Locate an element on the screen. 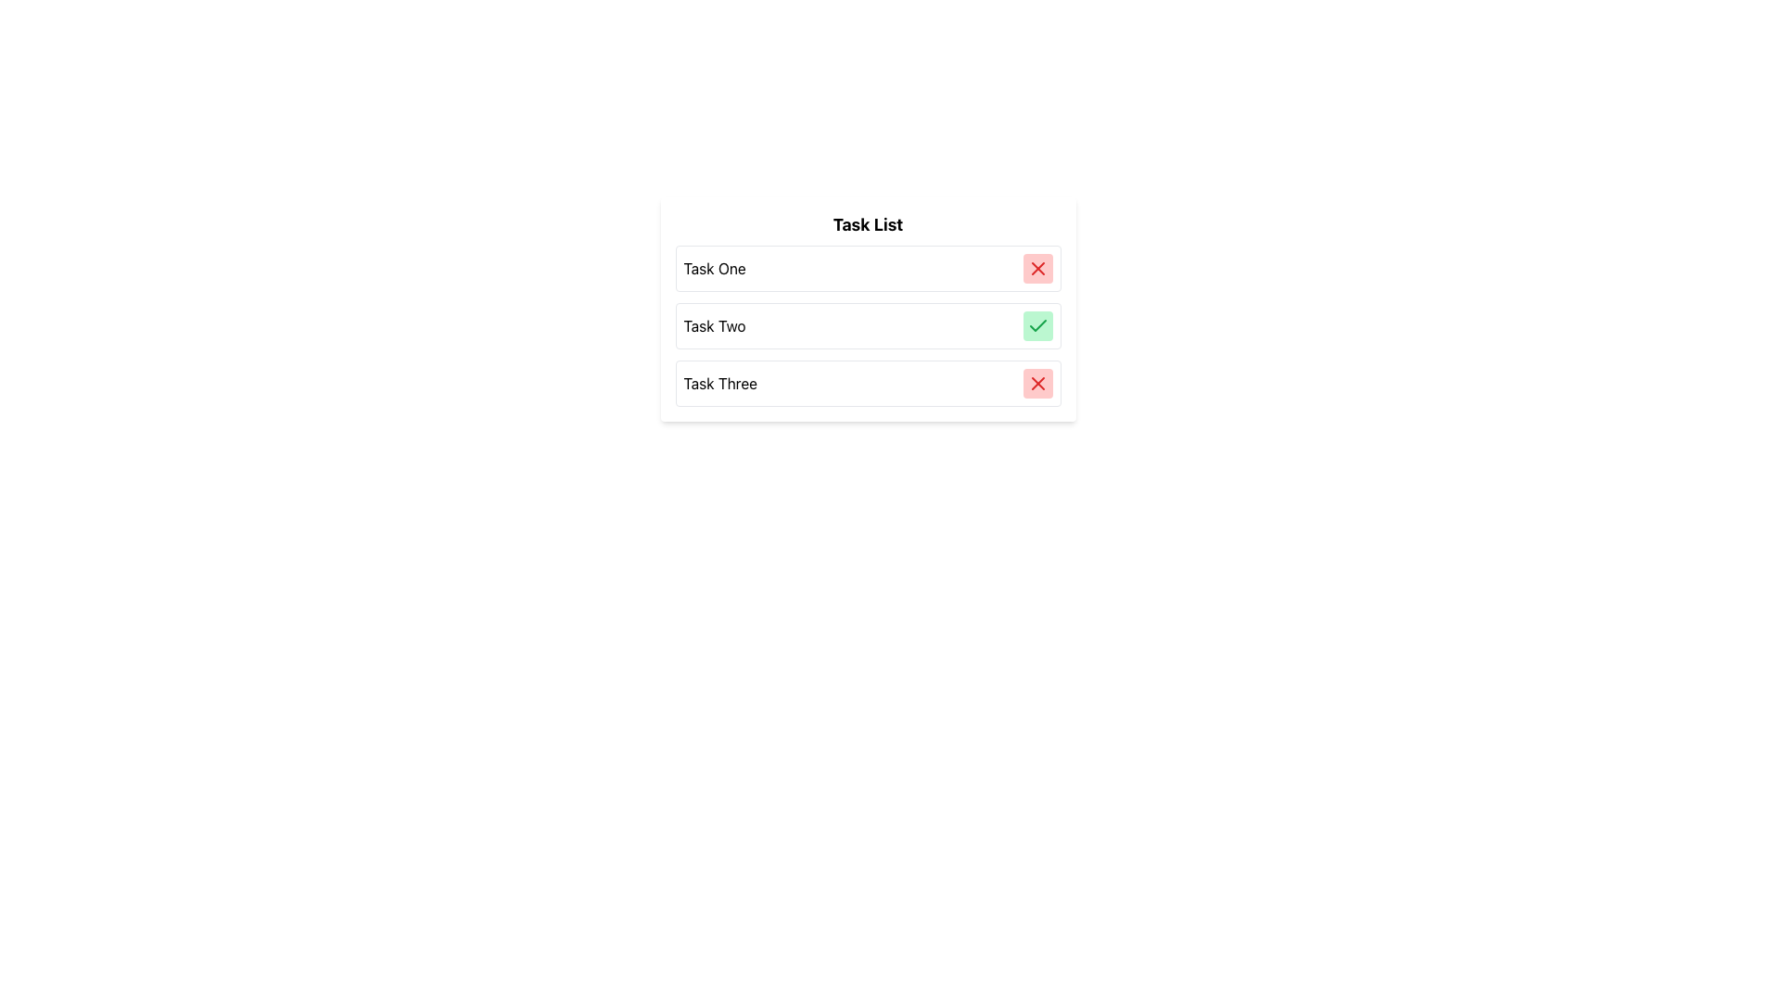 The height and width of the screenshot is (1001, 1780). the second text label in a vertical task list, which serves as the title or description of a task and is located next to a green checkmark is located at coordinates (714, 324).